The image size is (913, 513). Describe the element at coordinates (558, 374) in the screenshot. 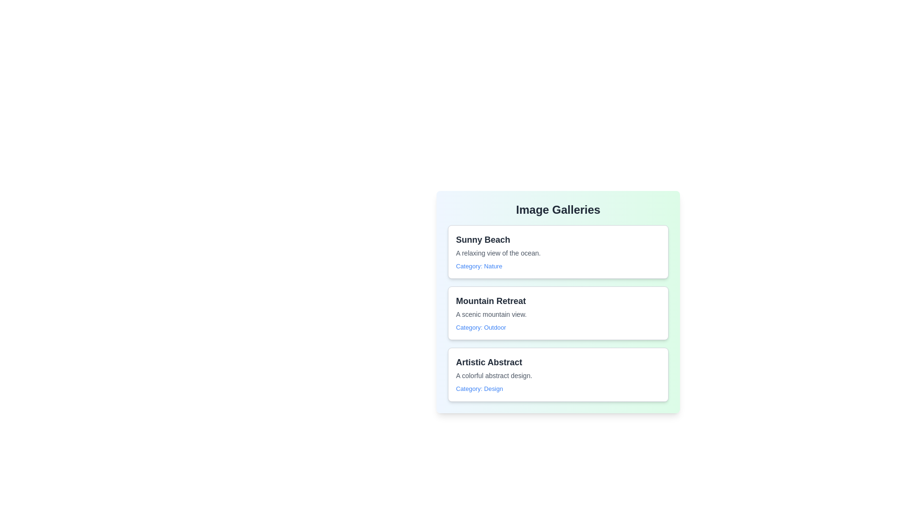

I see `the gallery item Artistic Abstract from the list` at that location.